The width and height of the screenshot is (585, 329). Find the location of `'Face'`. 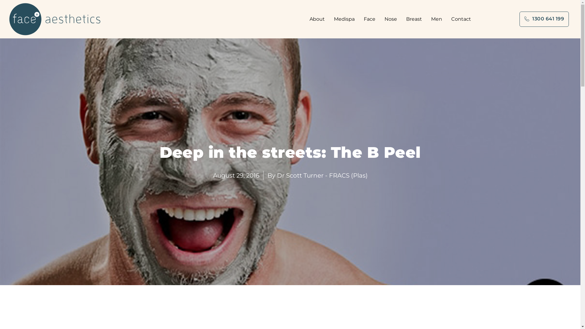

'Face' is located at coordinates (364, 19).